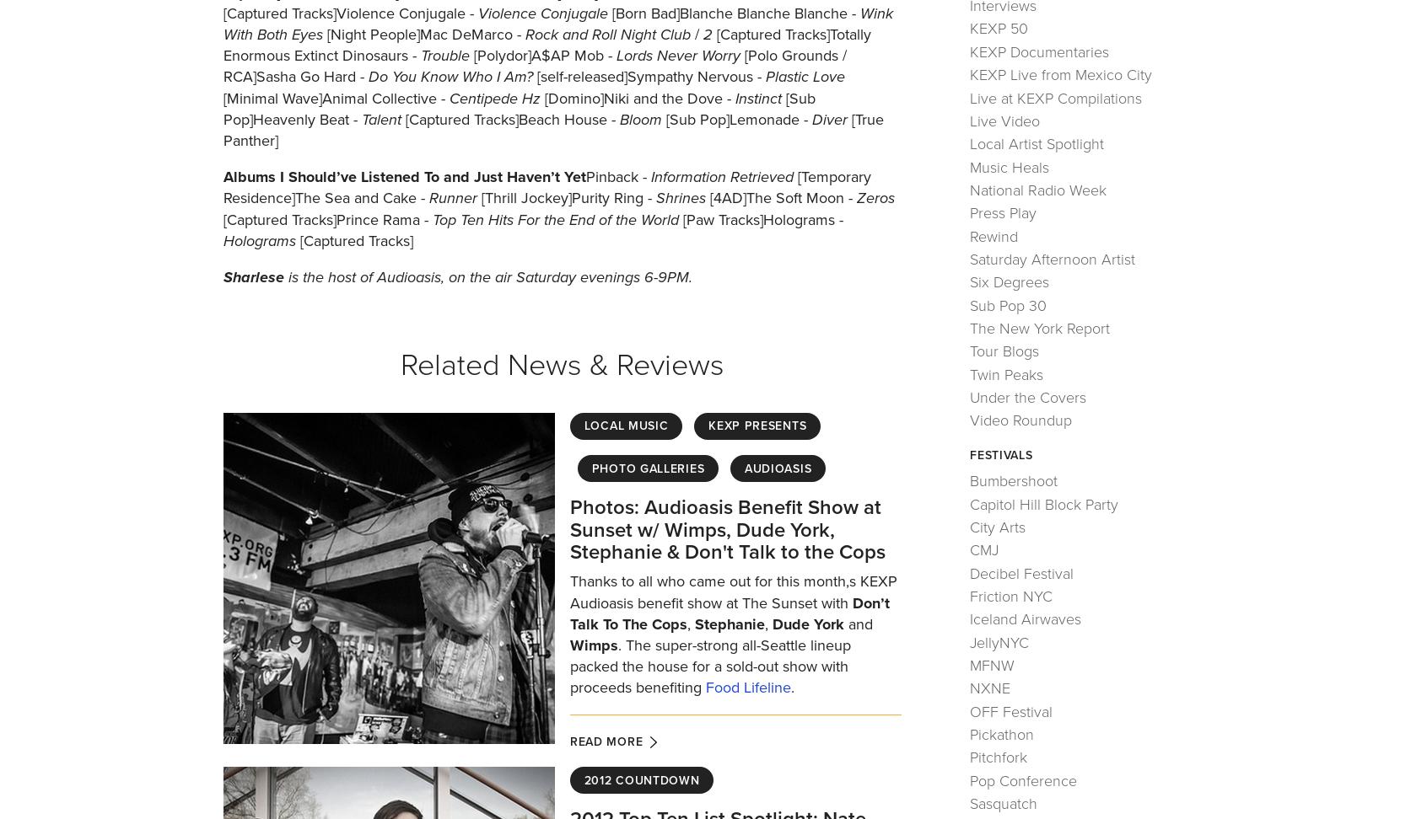 The height and width of the screenshot is (819, 1427). What do you see at coordinates (989, 687) in the screenshot?
I see `'NXNE'` at bounding box center [989, 687].